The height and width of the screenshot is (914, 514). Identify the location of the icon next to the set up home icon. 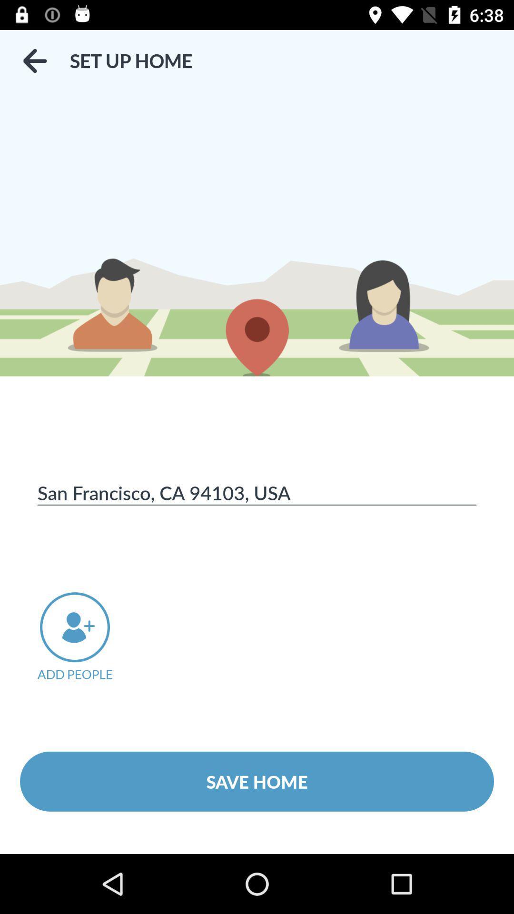
(34, 60).